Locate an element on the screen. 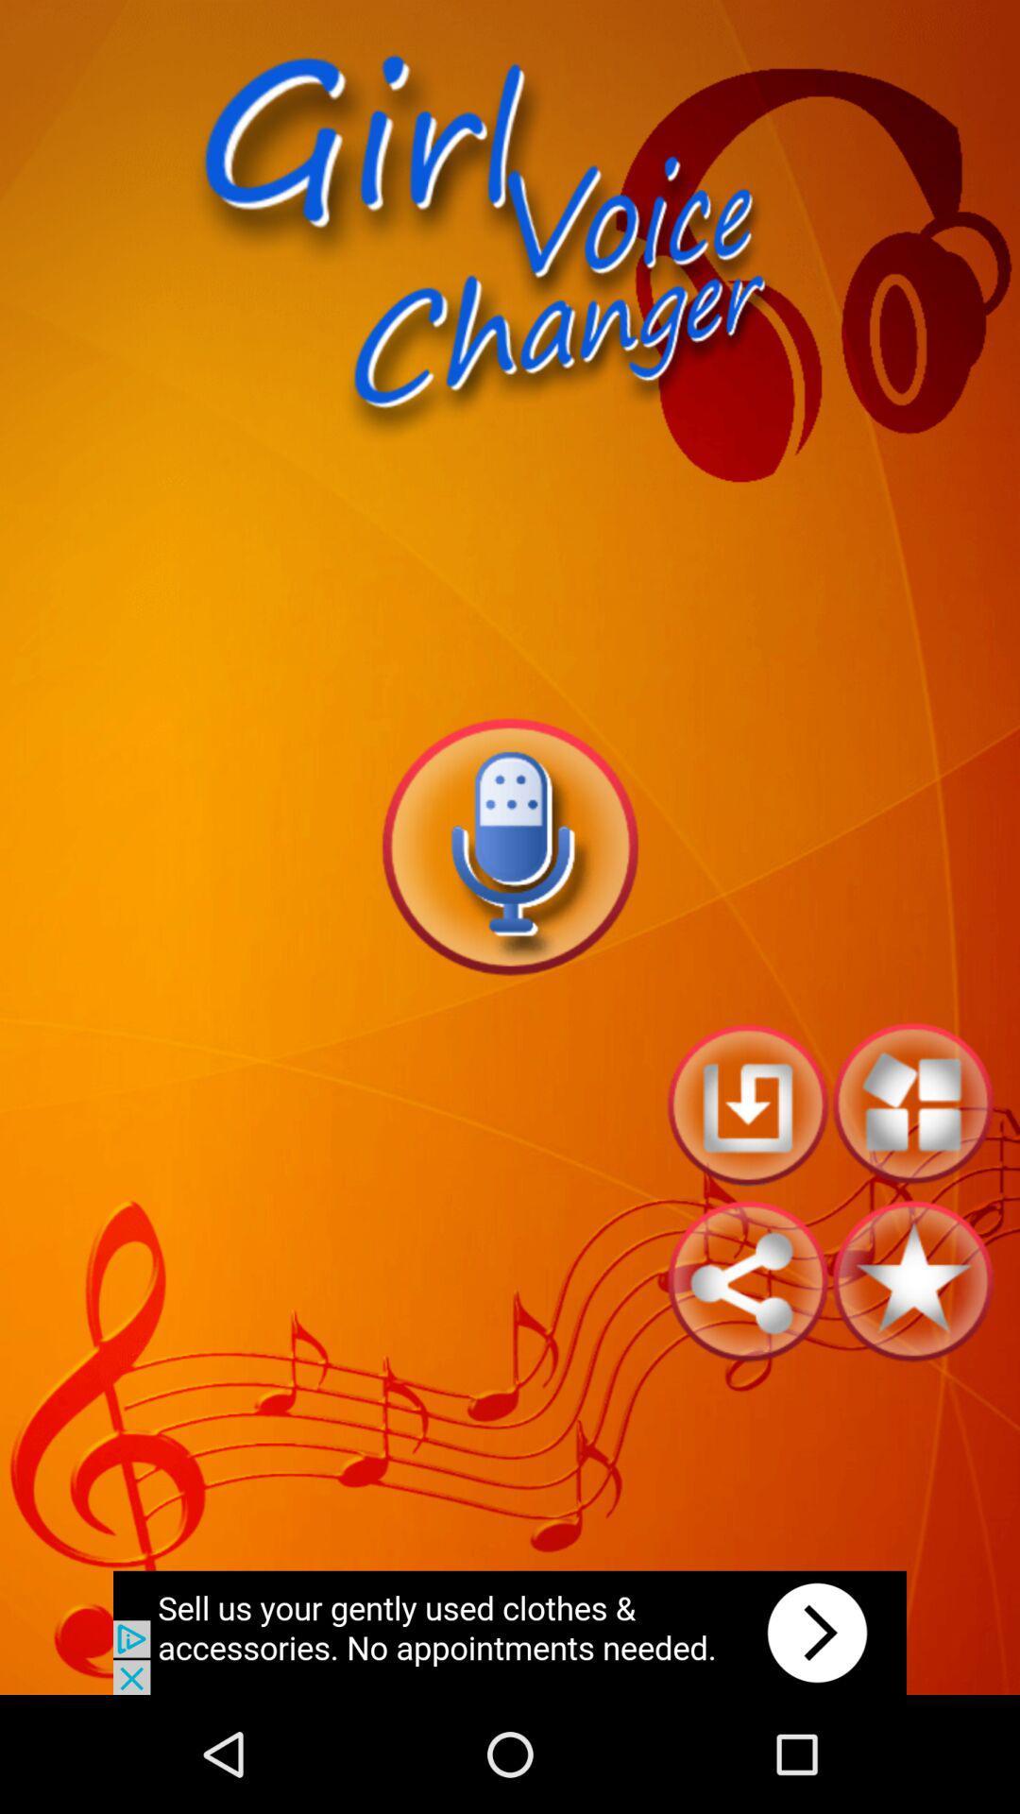 This screenshot has width=1020, height=1814. switch to share is located at coordinates (746, 1281).